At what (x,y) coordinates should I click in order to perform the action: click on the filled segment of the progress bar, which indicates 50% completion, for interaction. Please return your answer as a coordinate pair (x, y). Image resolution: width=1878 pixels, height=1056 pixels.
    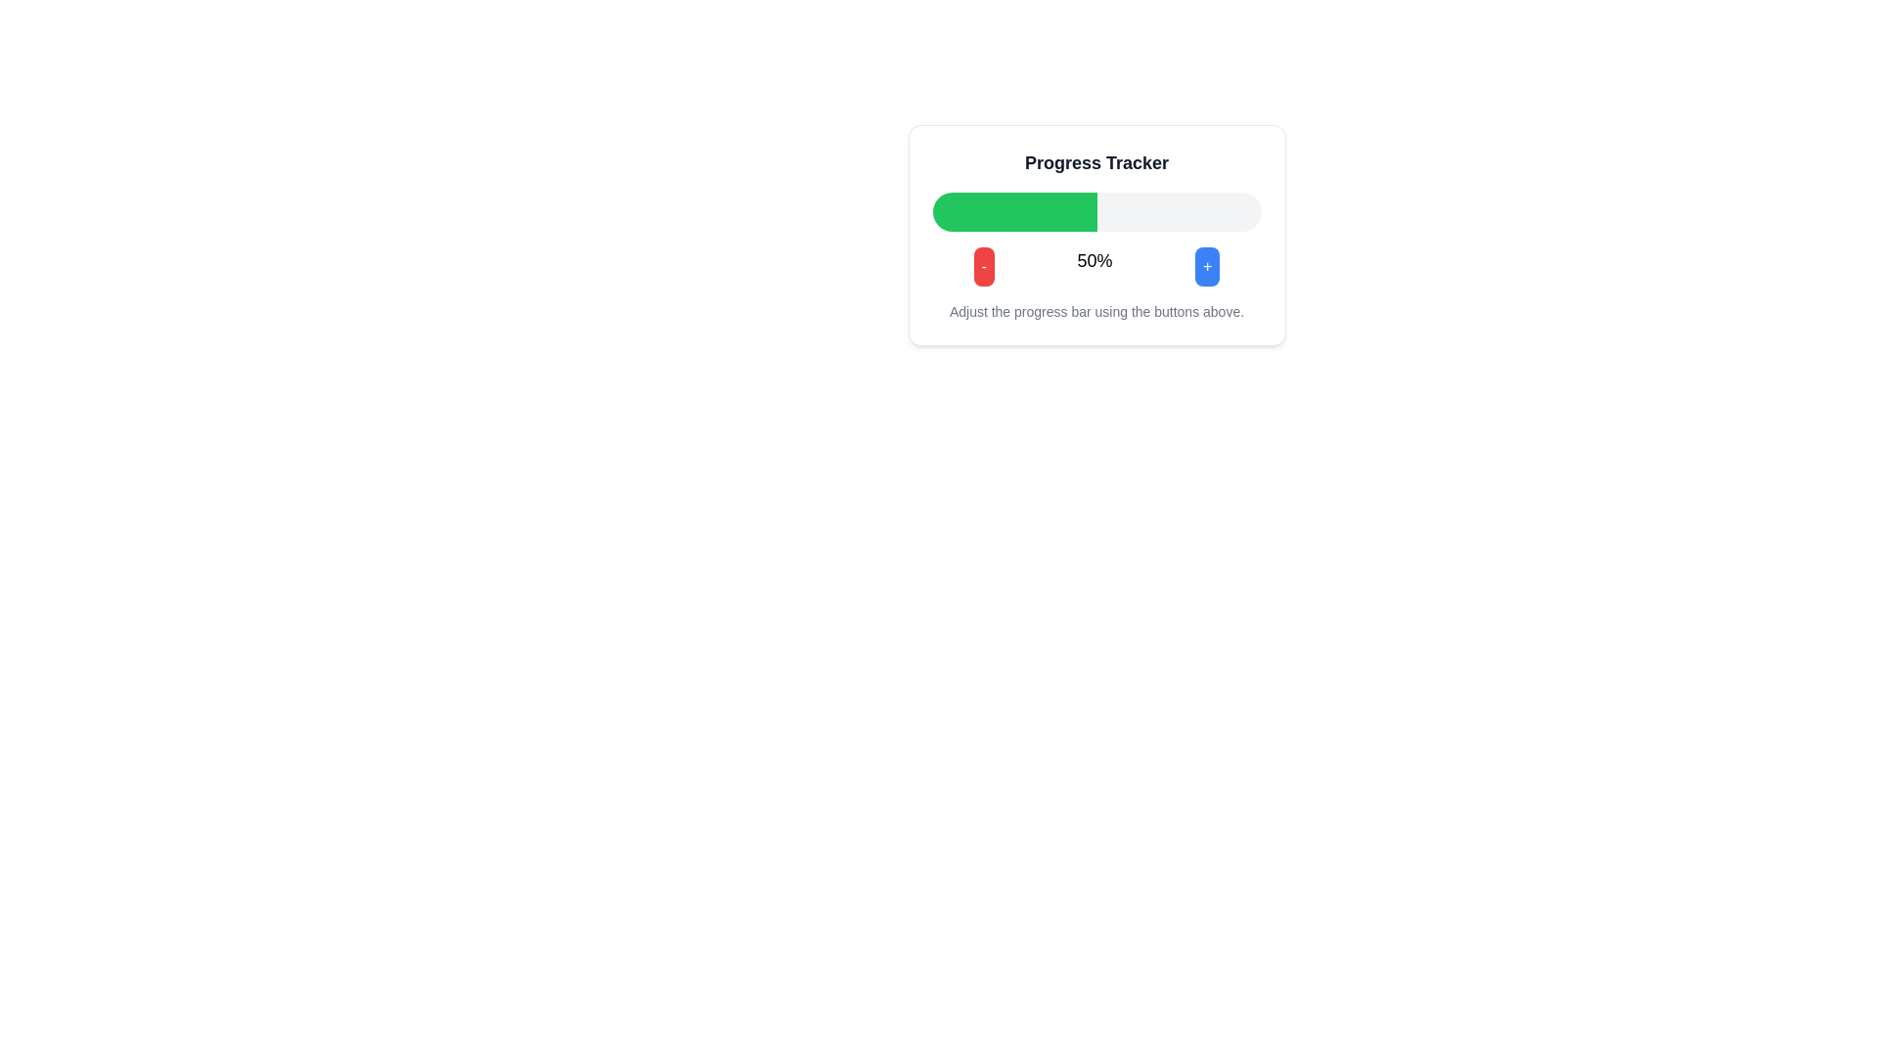
    Looking at the image, I should click on (1014, 211).